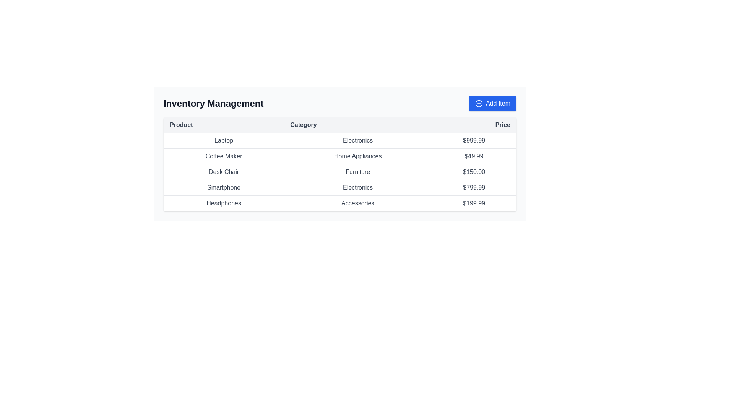 This screenshot has height=413, width=734. I want to click on the third row in the inventory table that indicates a product, its category, and price, so click(339, 172).